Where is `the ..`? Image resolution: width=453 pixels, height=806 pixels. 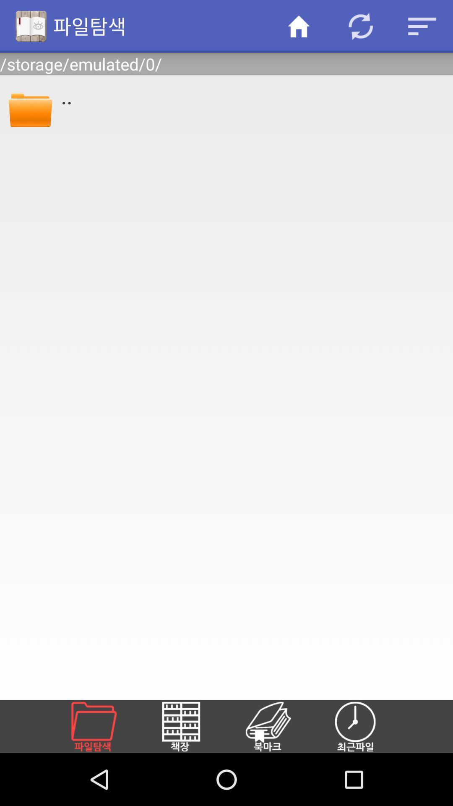
the .. is located at coordinates (251, 95).